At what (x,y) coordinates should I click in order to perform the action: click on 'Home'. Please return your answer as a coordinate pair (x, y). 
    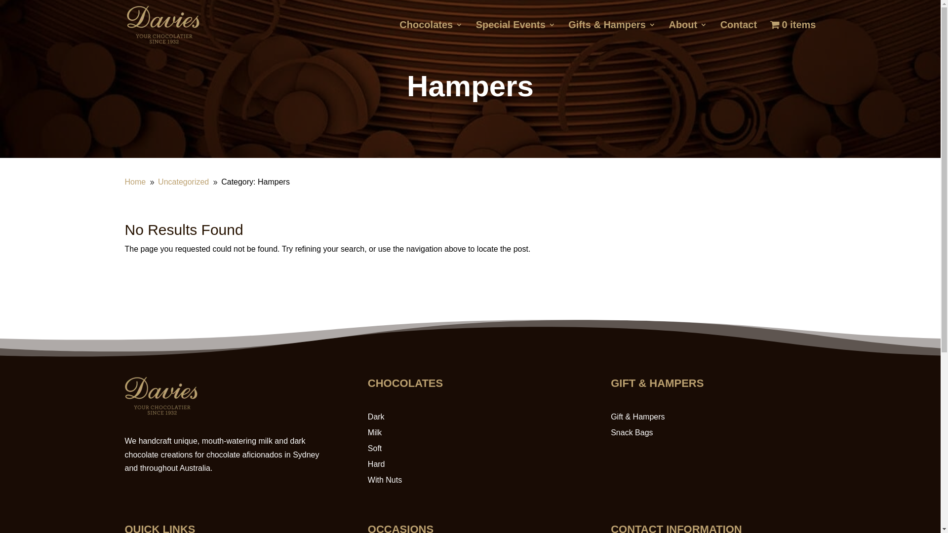
    Looking at the image, I should click on (134, 182).